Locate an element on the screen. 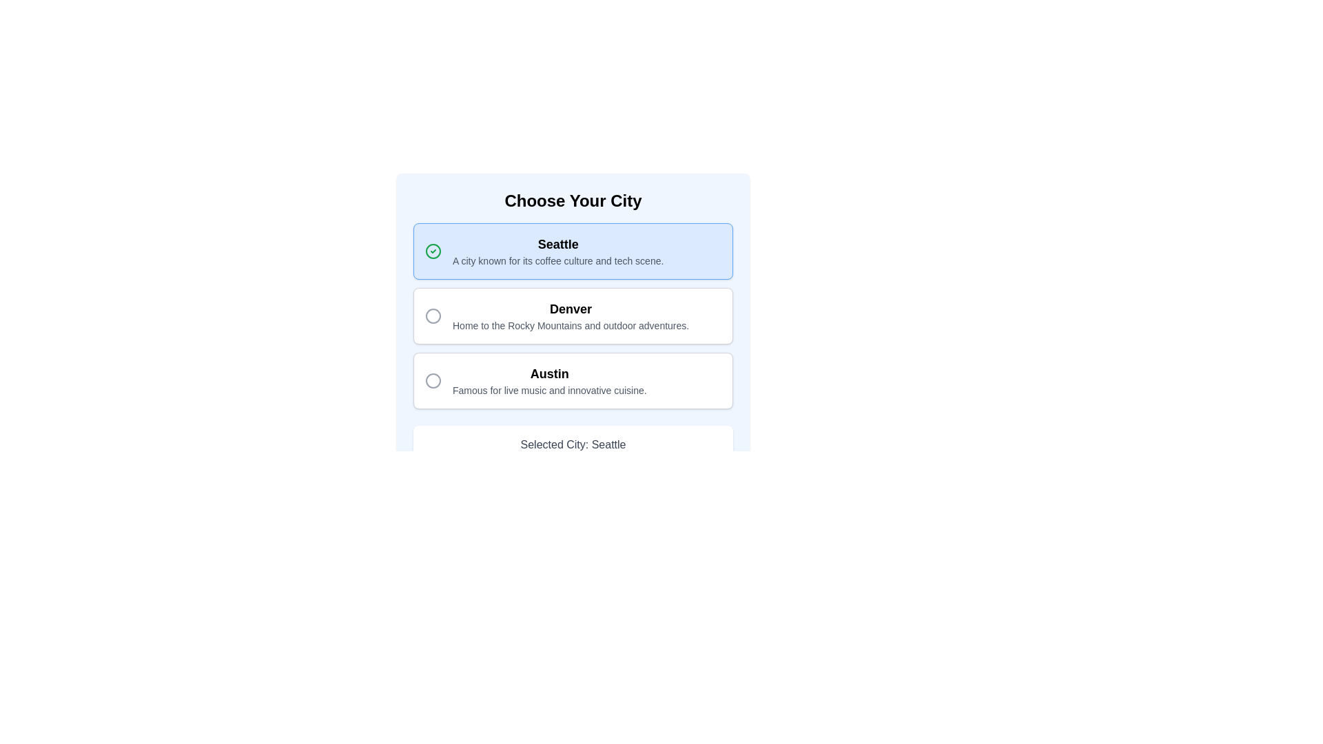 This screenshot has width=1323, height=744. the 'Denver' option card using keyboard navigation is located at coordinates (573, 316).